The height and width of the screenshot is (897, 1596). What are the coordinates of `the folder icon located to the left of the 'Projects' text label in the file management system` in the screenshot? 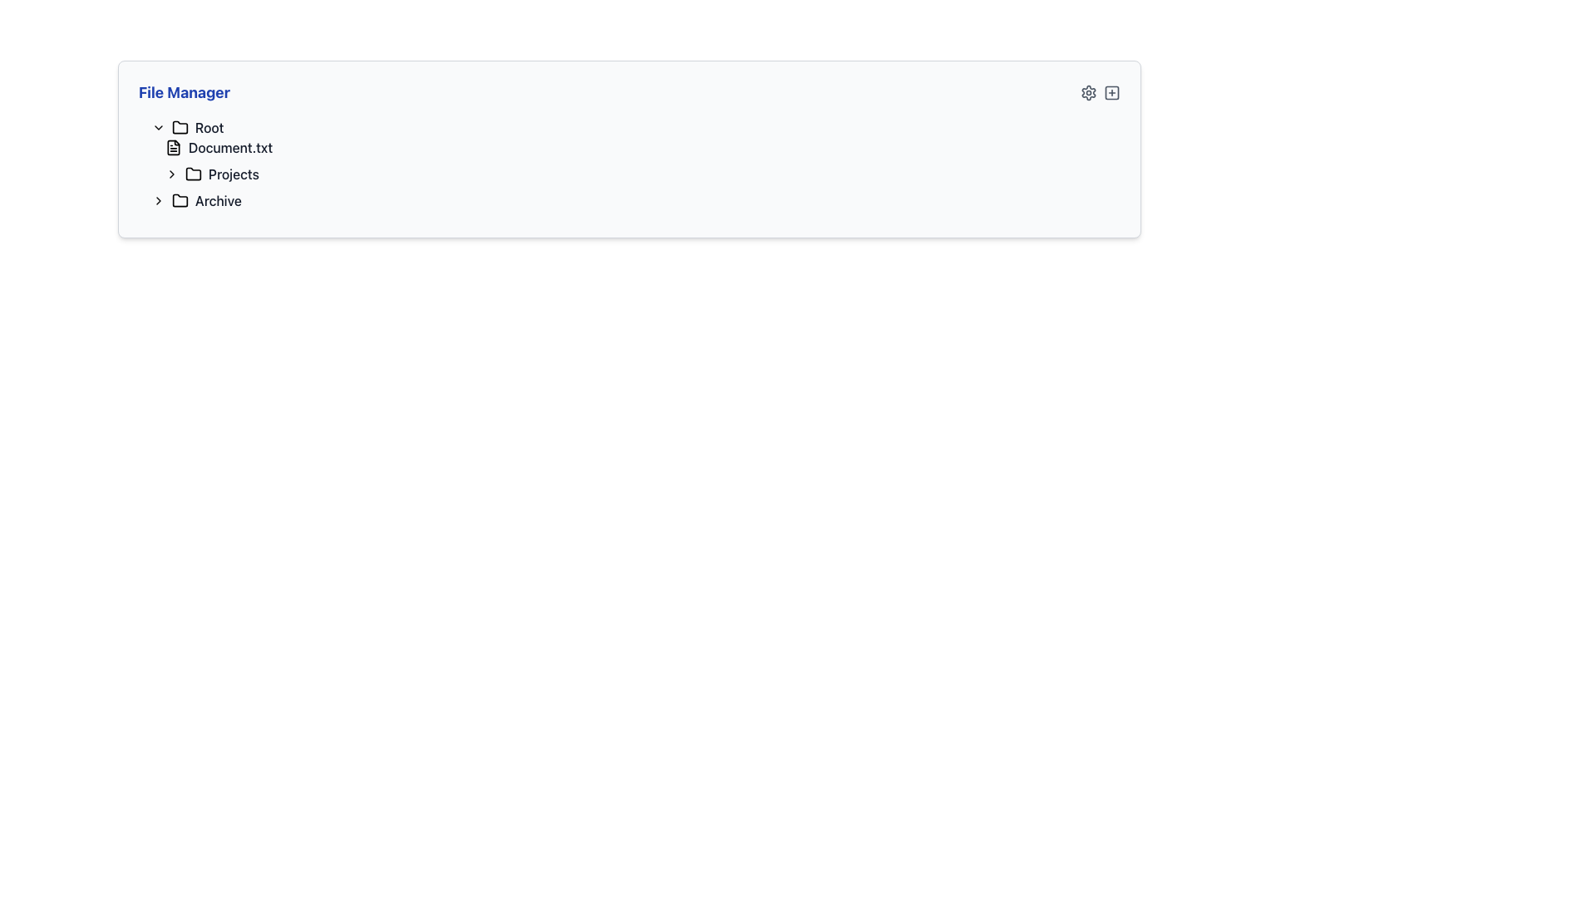 It's located at (194, 174).